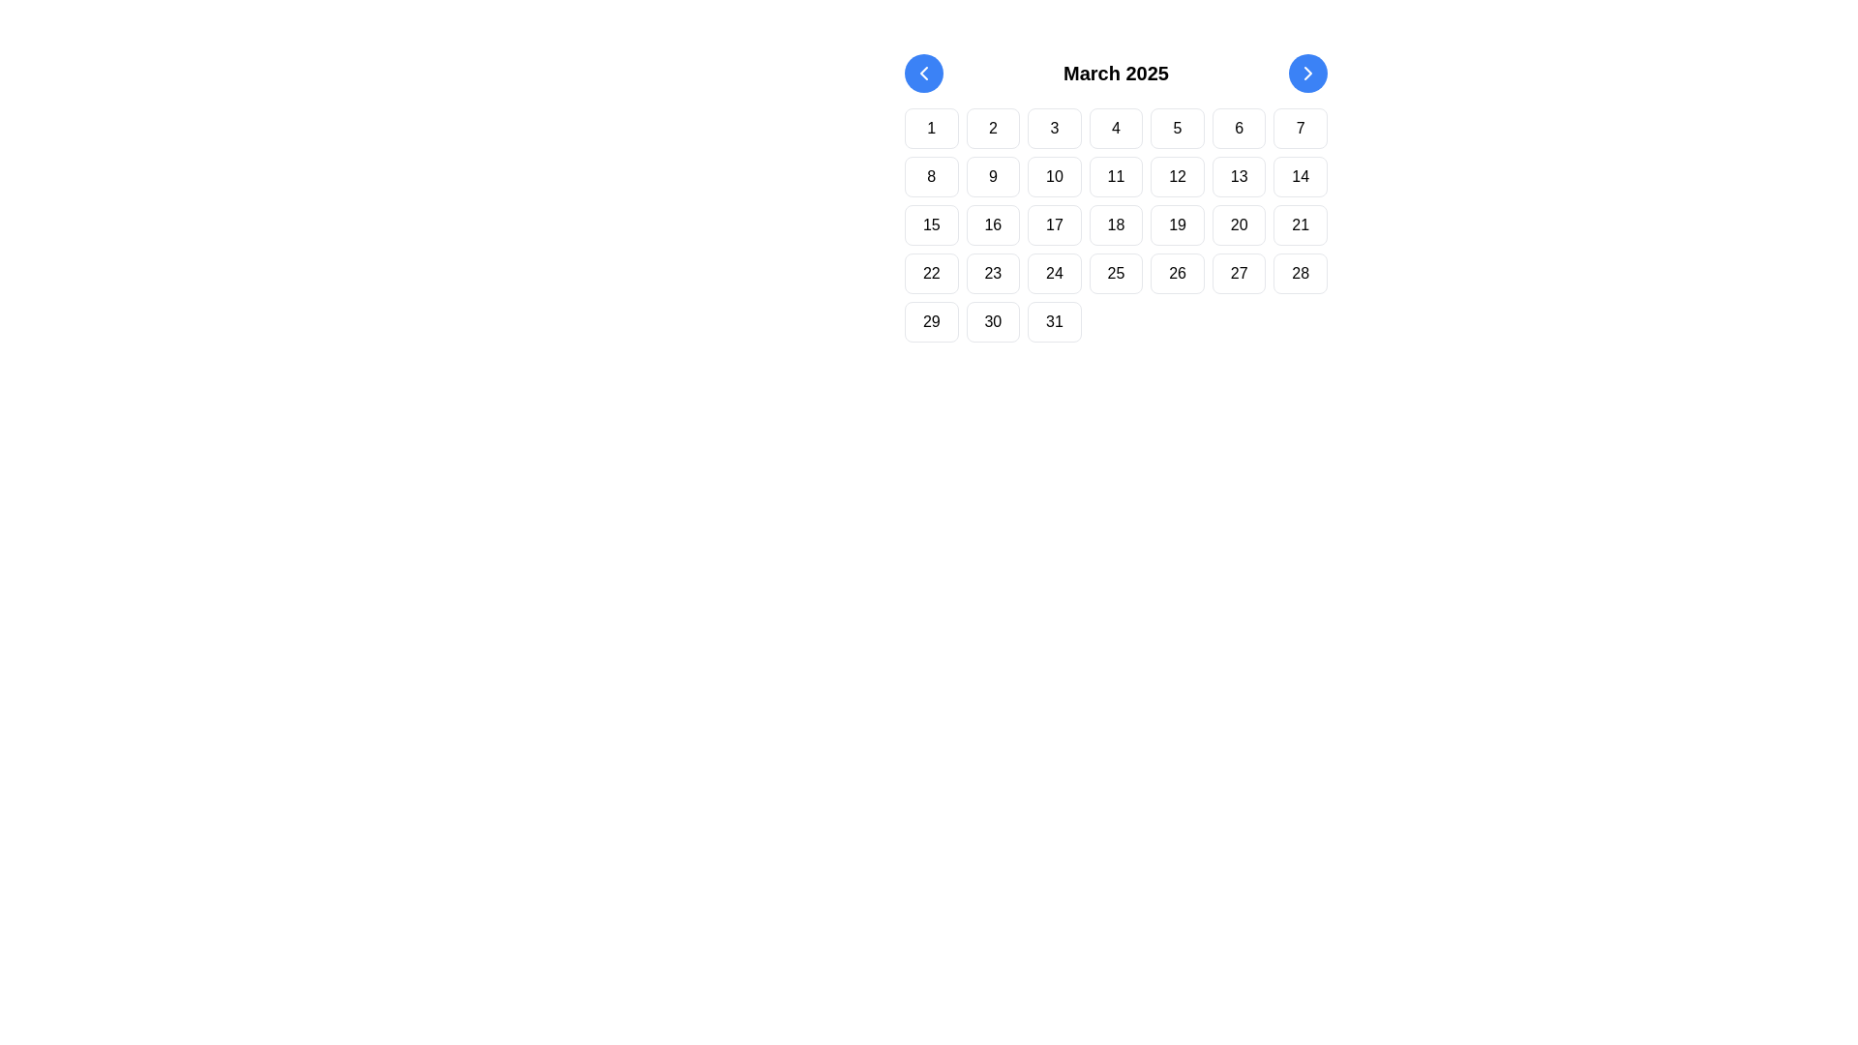 This screenshot has width=1858, height=1045. What do you see at coordinates (923, 73) in the screenshot?
I see `the Chevron Left SVG Icon` at bounding box center [923, 73].